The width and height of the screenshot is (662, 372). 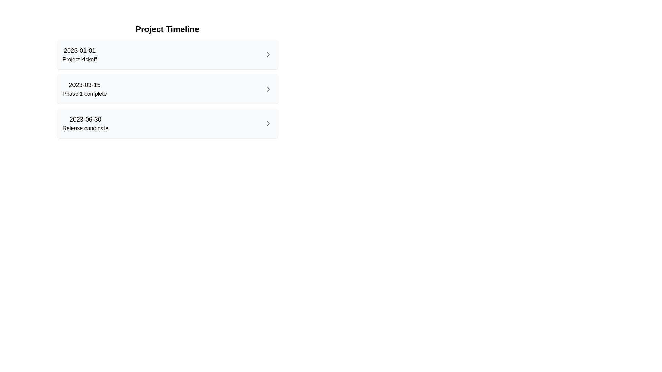 What do you see at coordinates (167, 81) in the screenshot?
I see `the milestone entry for 'Phase 1 complete' on '2023-03-15' in the Project Timeline` at bounding box center [167, 81].